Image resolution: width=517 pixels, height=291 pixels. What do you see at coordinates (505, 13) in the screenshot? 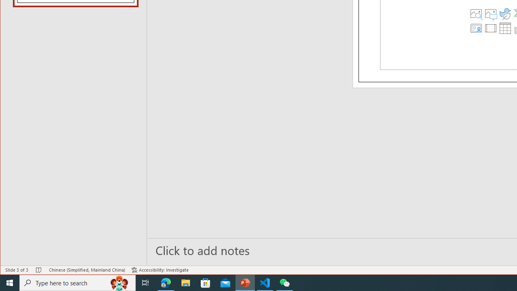
I see `'Insert an Icon'` at bounding box center [505, 13].